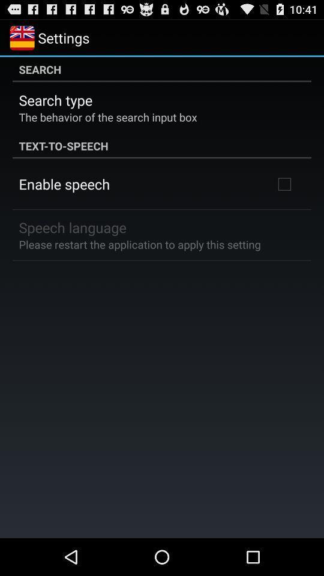  Describe the element at coordinates (162, 145) in the screenshot. I see `the app below the the behavior of` at that location.